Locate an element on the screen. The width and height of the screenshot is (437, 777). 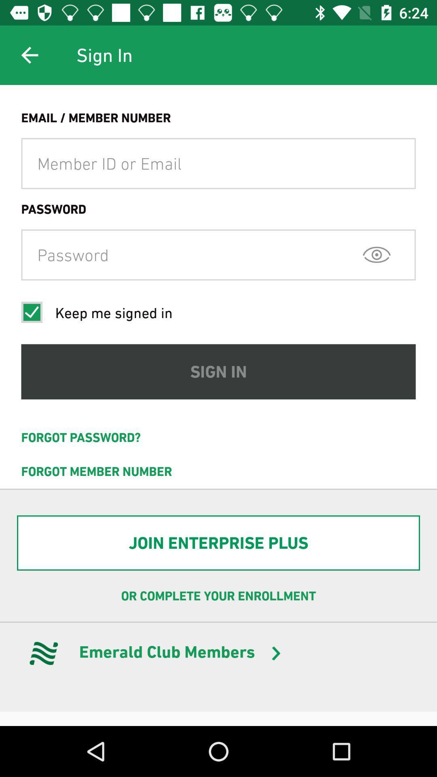
the forgot password? is located at coordinates (218, 437).